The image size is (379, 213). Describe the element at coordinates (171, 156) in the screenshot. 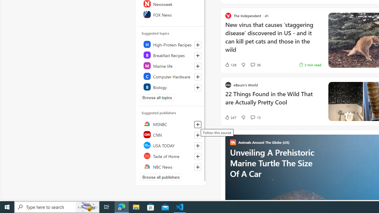

I see `'Taste of Home'` at that location.